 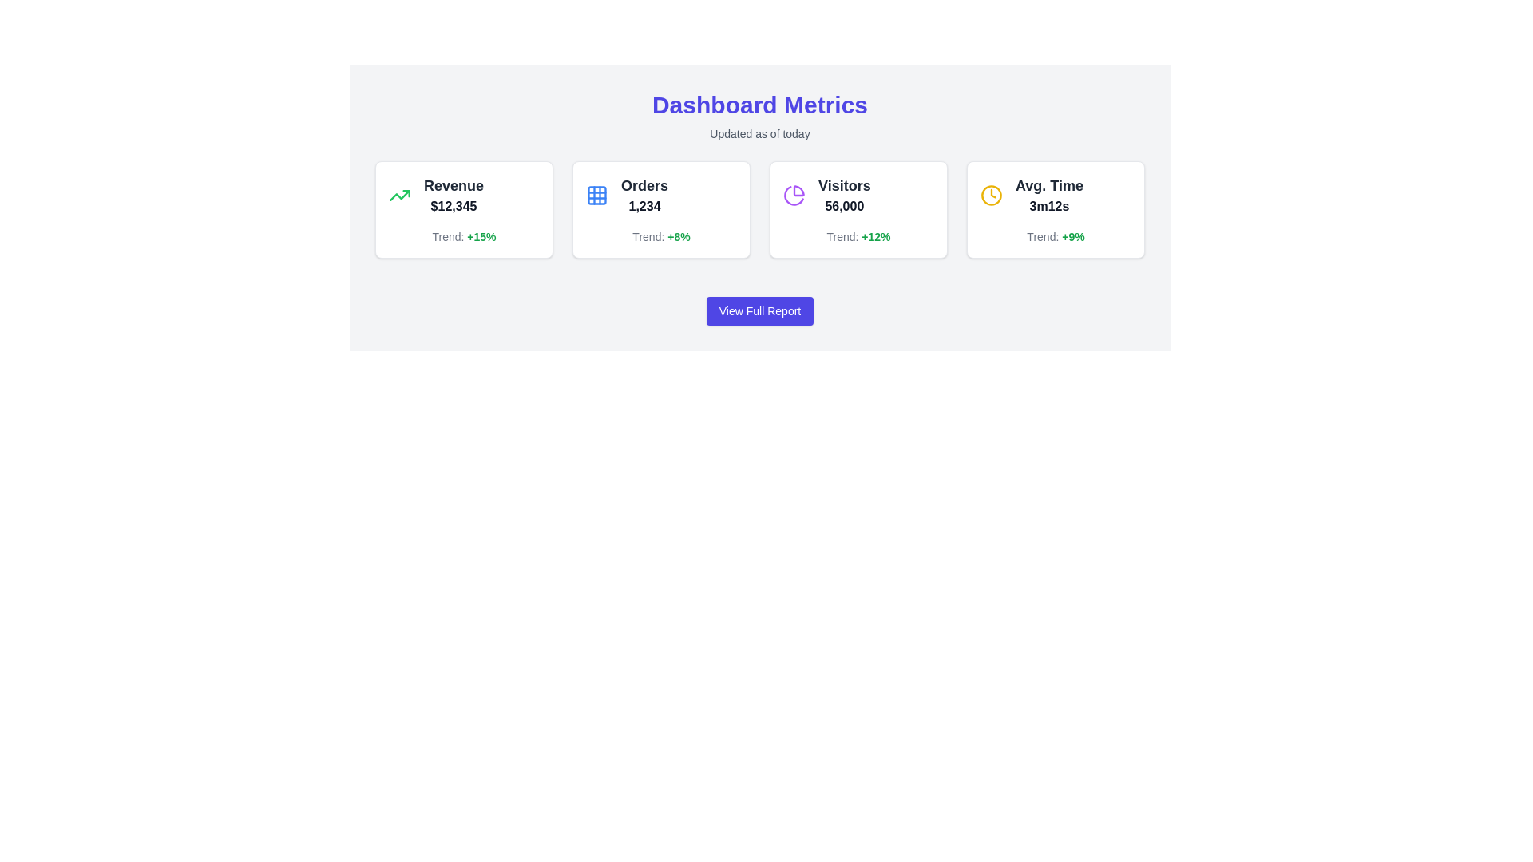 What do you see at coordinates (759, 133) in the screenshot?
I see `the static text element that provides additional information indicating the recency of the data above, located directly below 'Dashboard Metrics' and centered horizontally` at bounding box center [759, 133].